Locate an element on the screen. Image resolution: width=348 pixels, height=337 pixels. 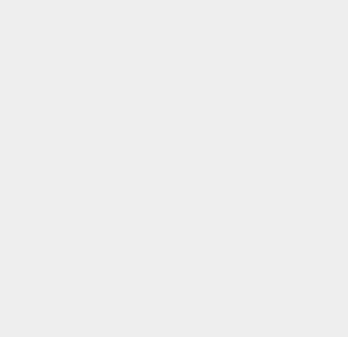
'Server' is located at coordinates (252, 153).